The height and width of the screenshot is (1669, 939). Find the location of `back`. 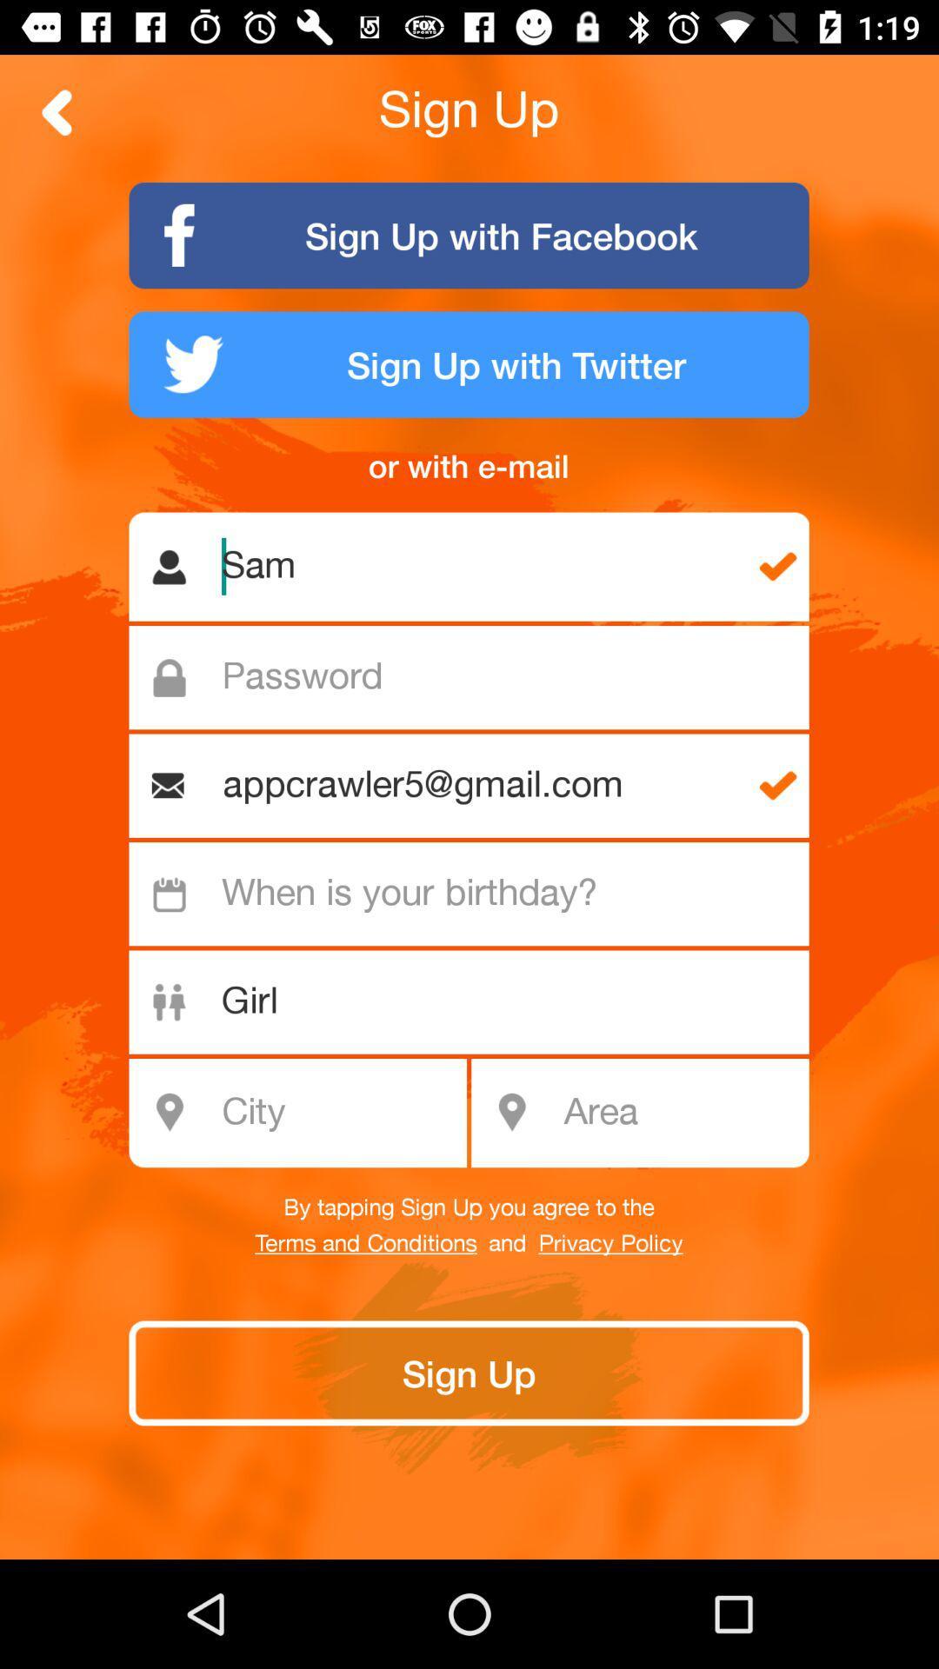

back is located at coordinates (57, 111).